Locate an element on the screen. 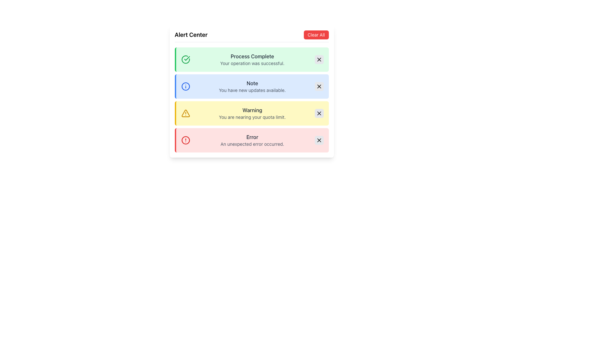  the text snippet styled in a small, gray-colored font that reads 'You have new updates available.' located beneath the heading 'Note' in a blue background section is located at coordinates (252, 90).